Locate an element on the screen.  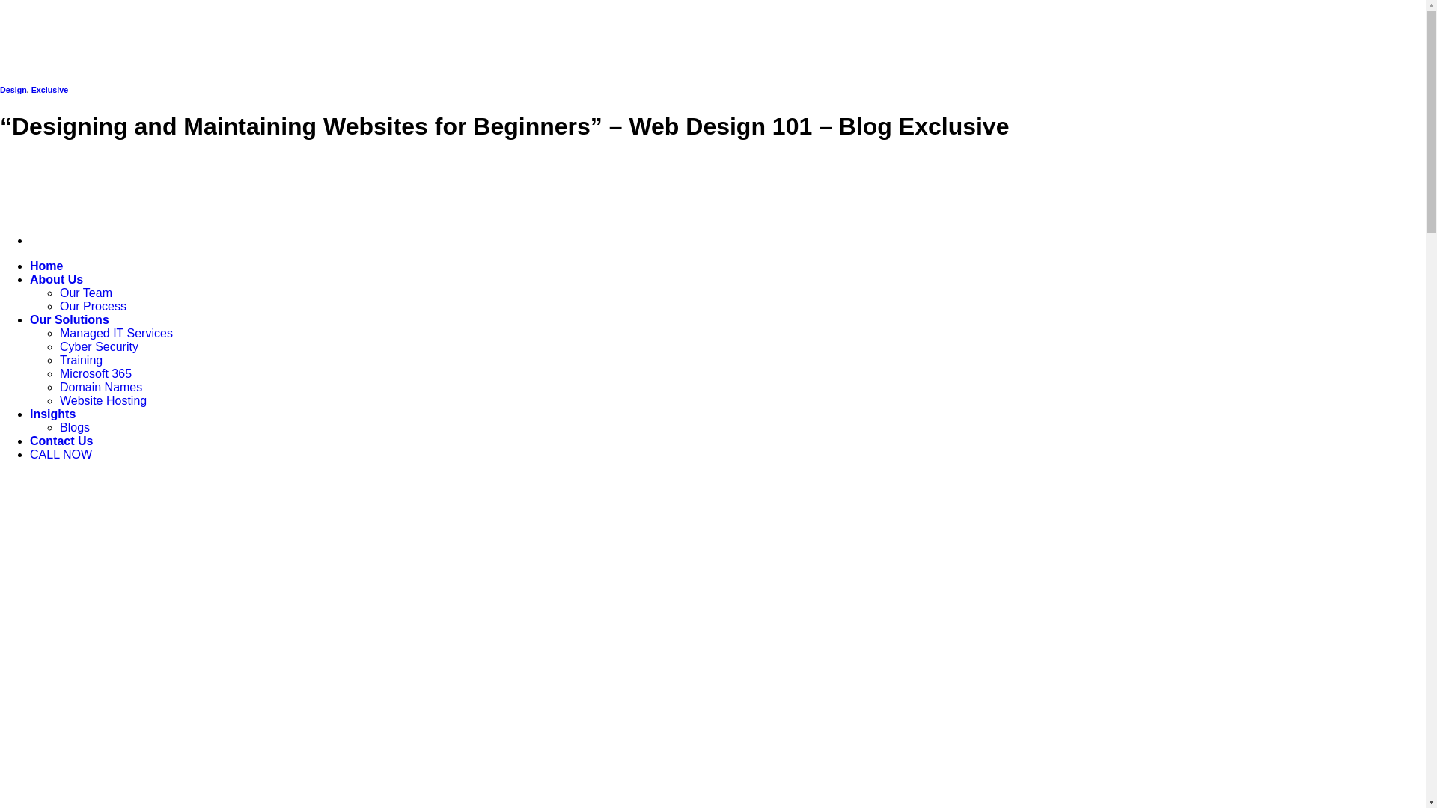
'Insights' is located at coordinates (52, 414).